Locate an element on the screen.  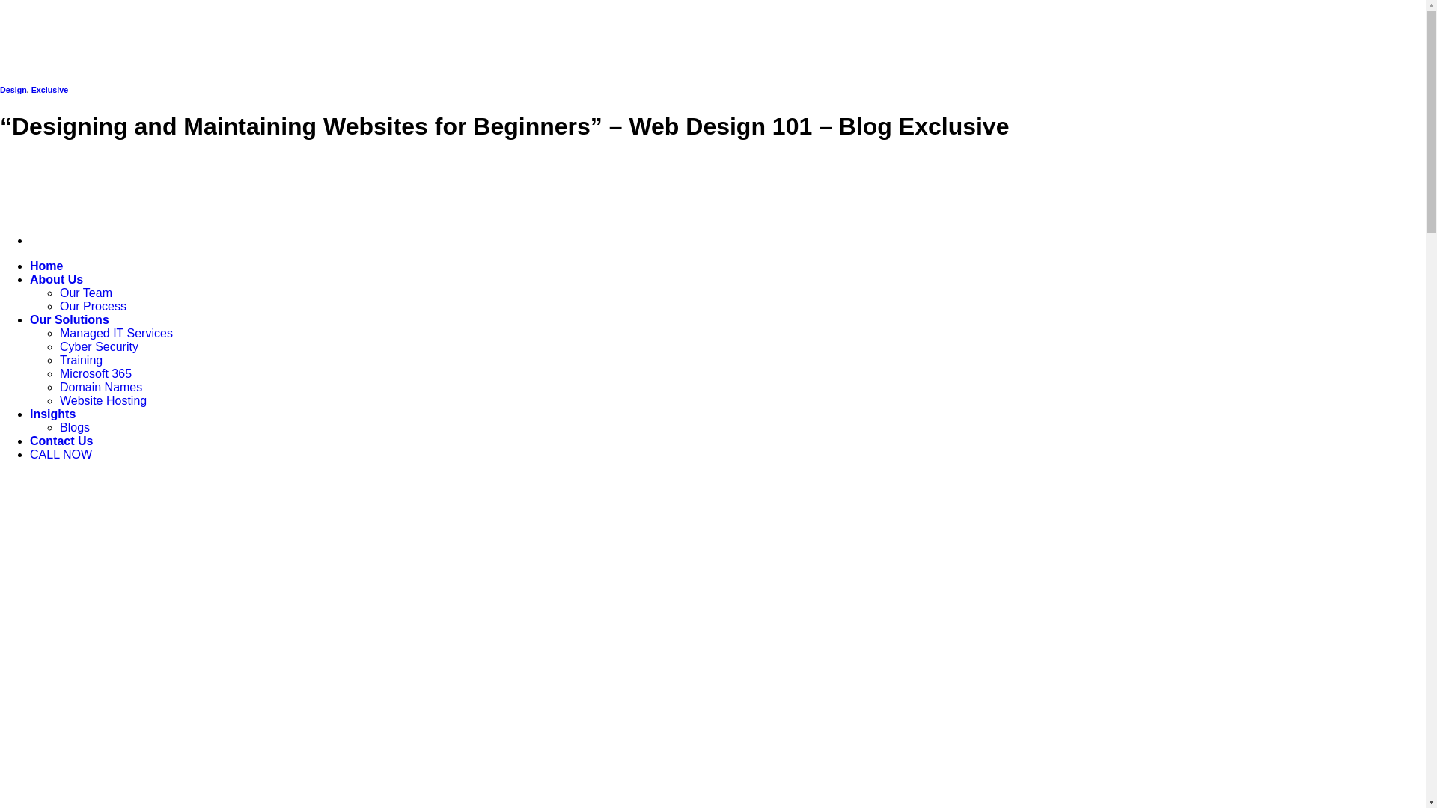
'Insights' is located at coordinates (52, 414).